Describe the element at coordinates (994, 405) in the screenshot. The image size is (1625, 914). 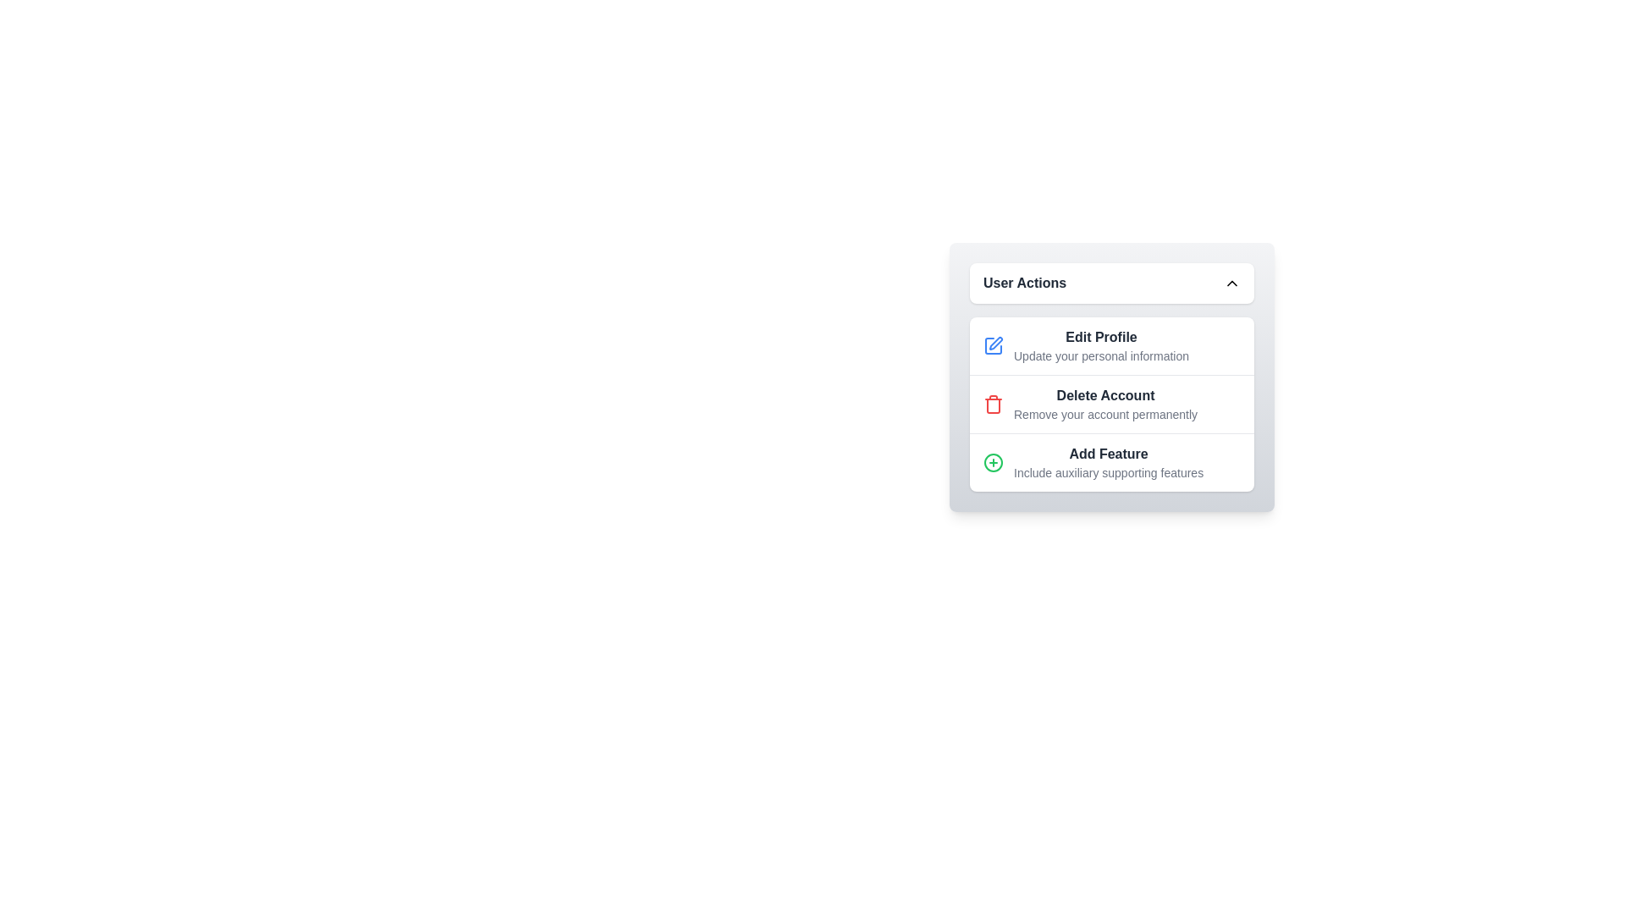
I see `the Delete Account icon, which is the first element on the left in the menu option indicating account deletion` at that location.